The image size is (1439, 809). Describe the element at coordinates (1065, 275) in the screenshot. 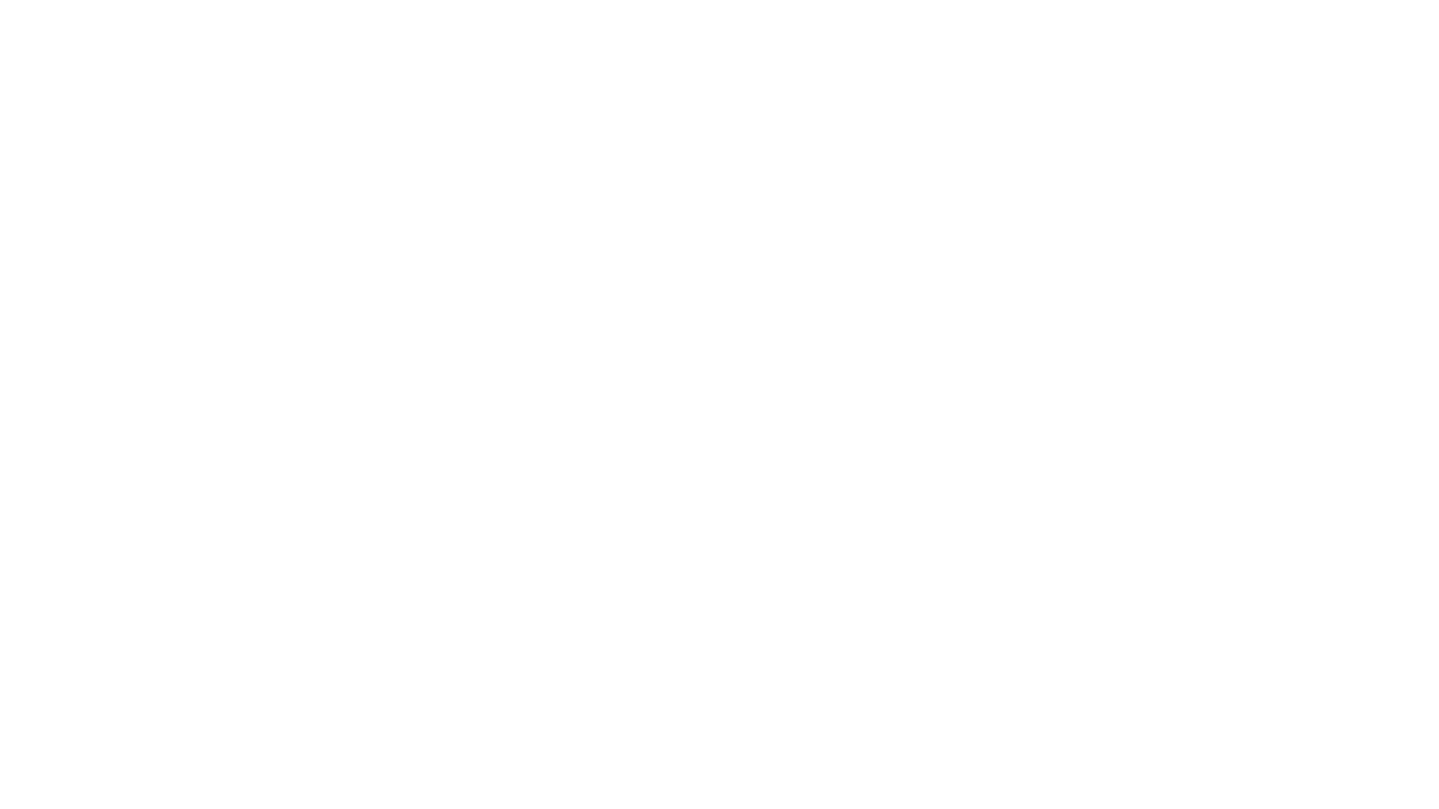

I see `Select 5:00 PM on Mon, Jun 27, 2022` at that location.